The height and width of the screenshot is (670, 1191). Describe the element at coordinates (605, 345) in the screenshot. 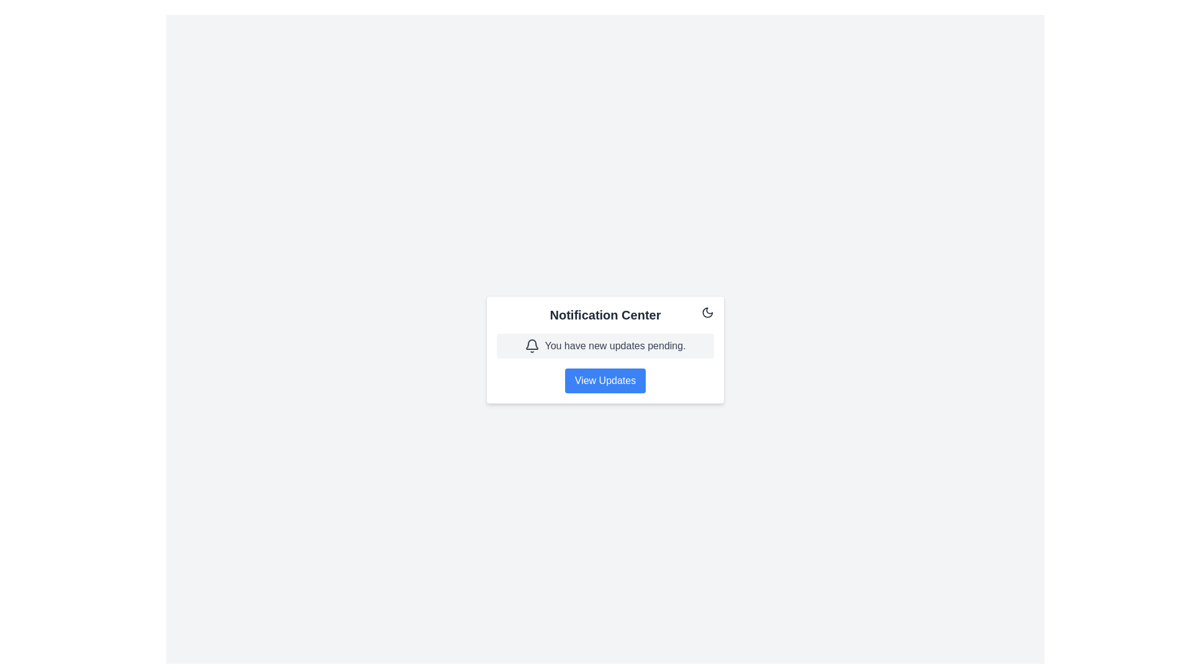

I see `the informational message located in the notification card, which is positioned below the header 'Notification Center' and above the 'View Updates' button` at that location.